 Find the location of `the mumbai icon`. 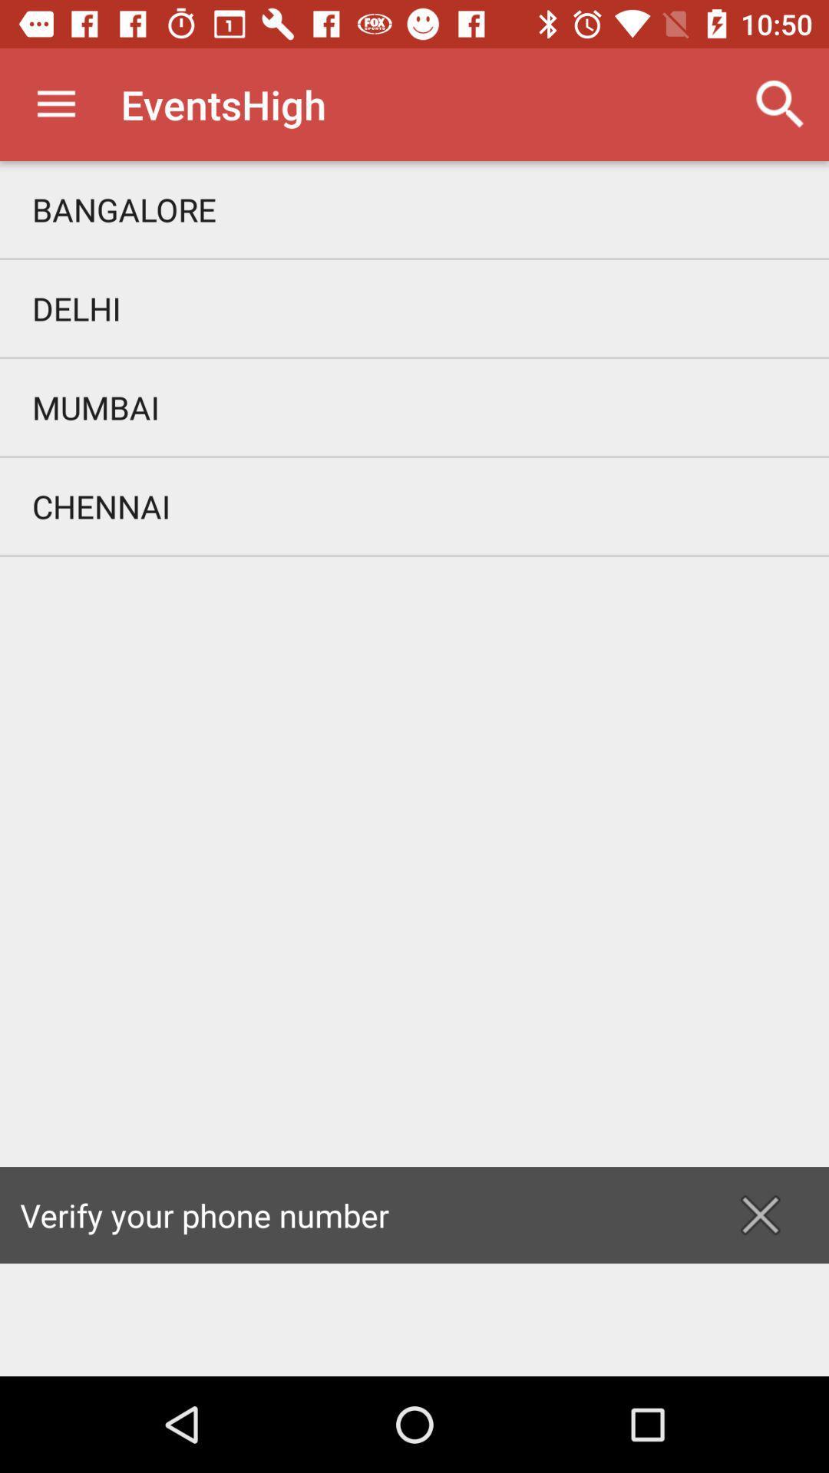

the mumbai icon is located at coordinates (414, 407).